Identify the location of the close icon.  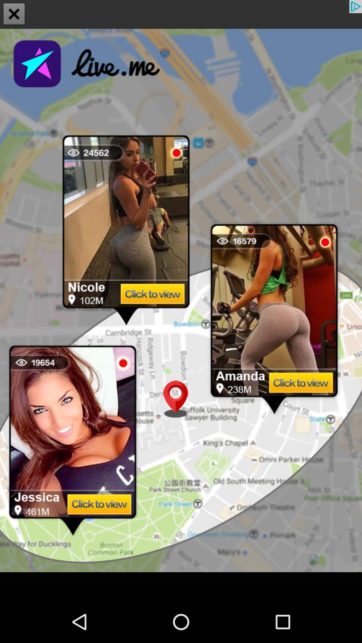
(14, 15).